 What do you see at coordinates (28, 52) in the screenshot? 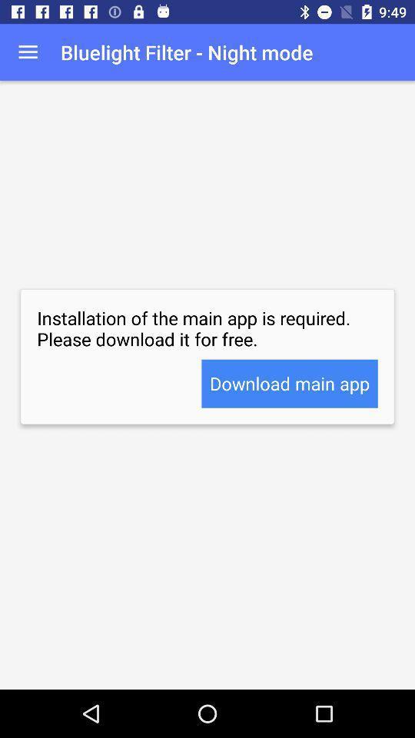
I see `icon at the top left corner` at bounding box center [28, 52].